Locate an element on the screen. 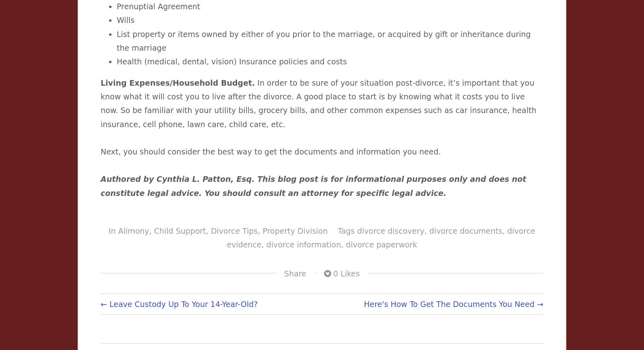  'Authored by Cynthia L. Patton, Esq. This blog post is for informational purposes only and does not constitute legal advice. You should consult an attorney for specific legal advice.' is located at coordinates (313, 185).